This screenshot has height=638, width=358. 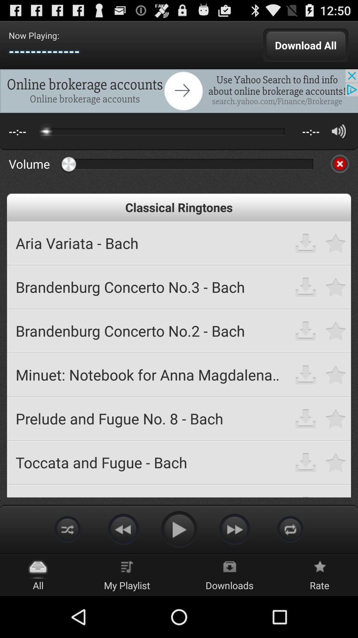 I want to click on go forward, so click(x=234, y=529).